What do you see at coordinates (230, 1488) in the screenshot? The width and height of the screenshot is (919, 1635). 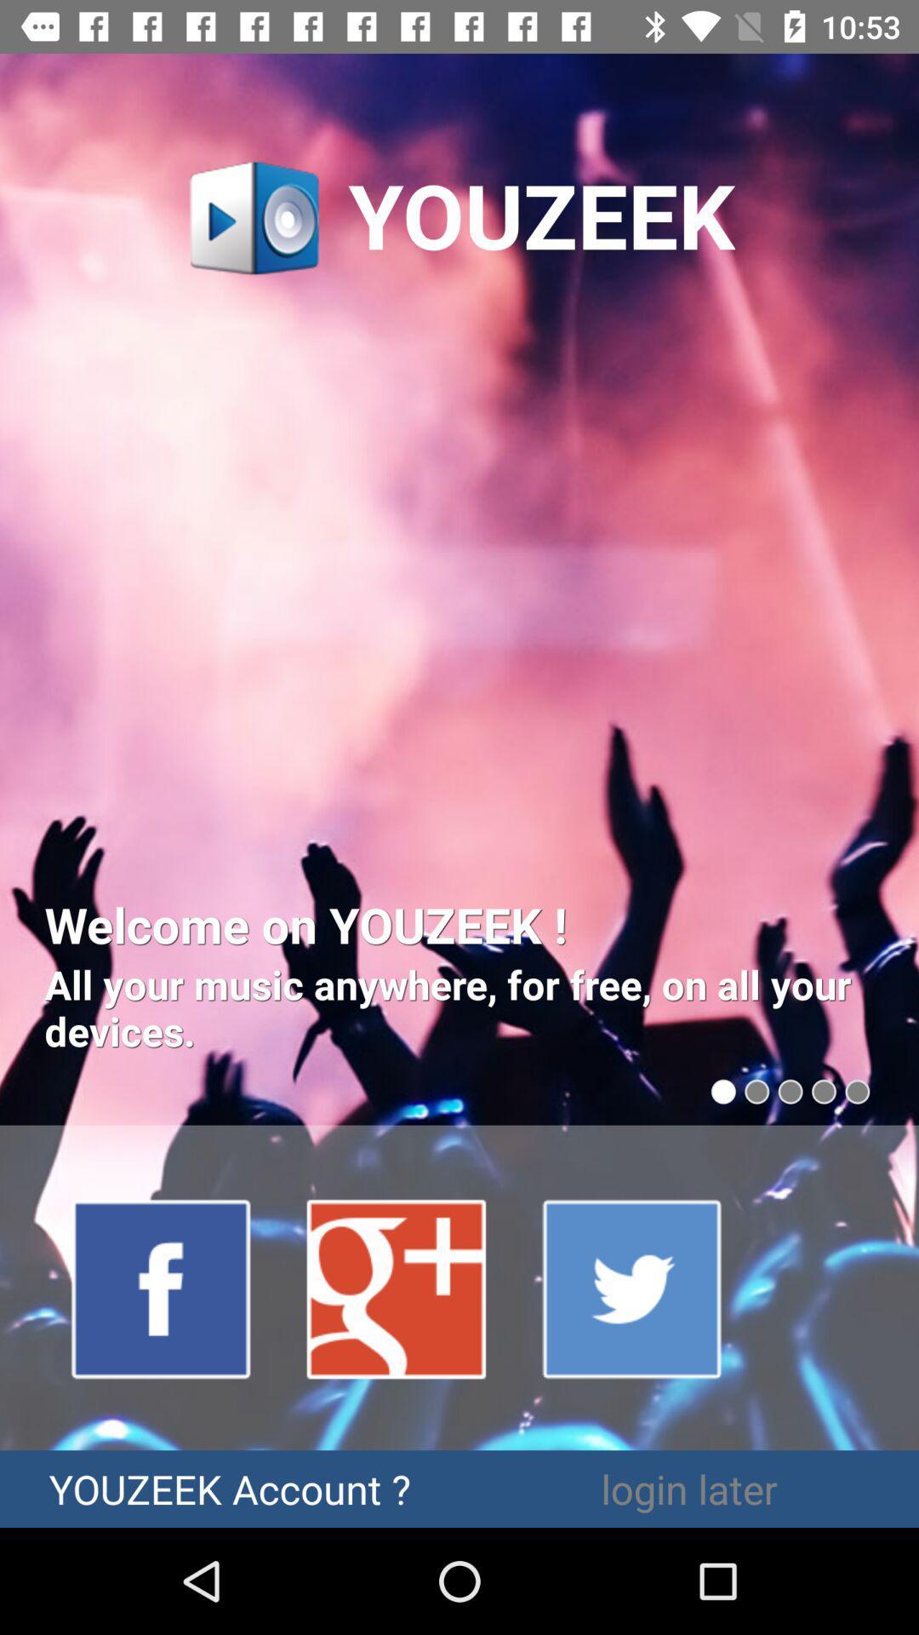 I see `item next to the login later icon` at bounding box center [230, 1488].